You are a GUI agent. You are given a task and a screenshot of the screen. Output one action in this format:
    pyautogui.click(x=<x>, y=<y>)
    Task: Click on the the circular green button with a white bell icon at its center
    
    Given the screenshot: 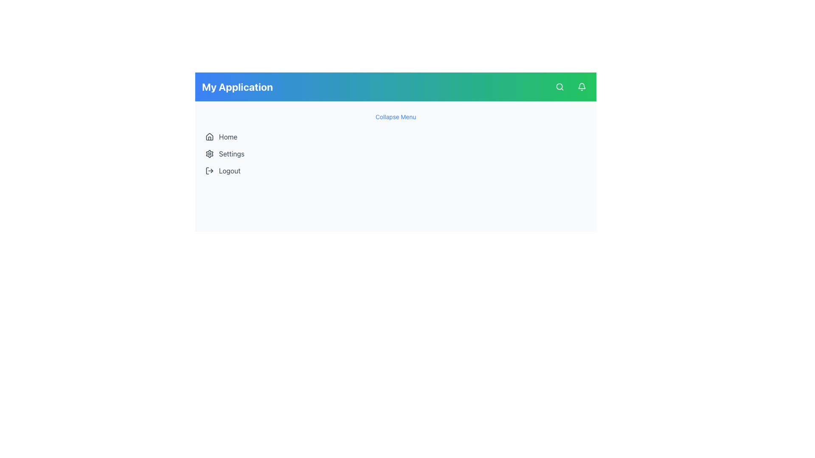 What is the action you would take?
    pyautogui.click(x=582, y=87)
    